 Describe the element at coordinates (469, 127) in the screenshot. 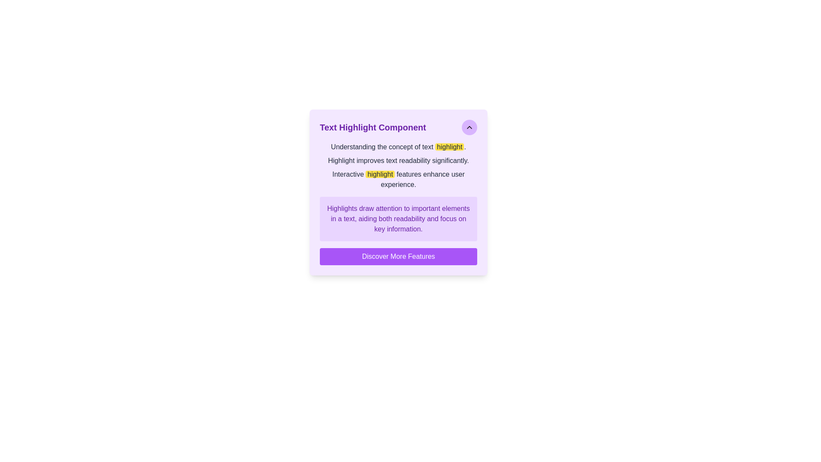

I see `the button located in the top-right section of the 'Text Highlight Component' card` at that location.